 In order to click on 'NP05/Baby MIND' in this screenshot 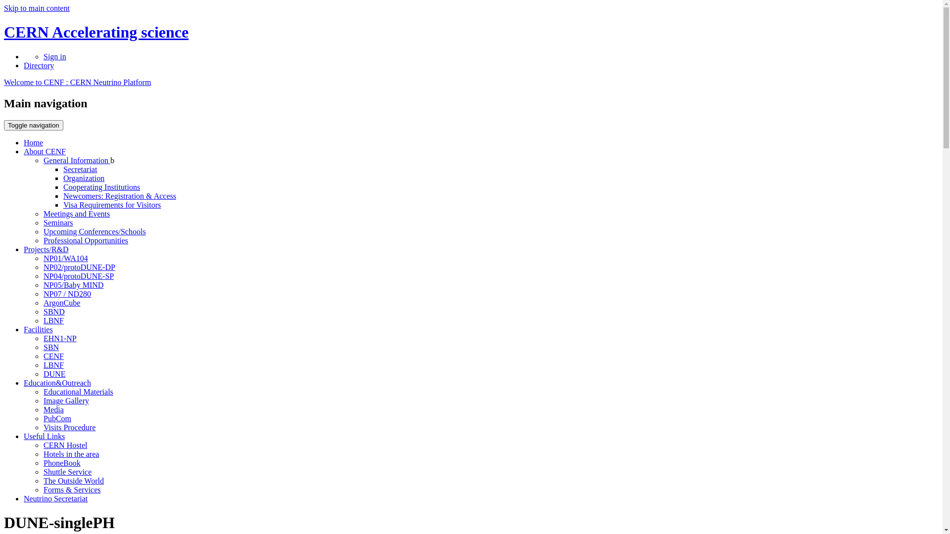, I will do `click(73, 285)`.